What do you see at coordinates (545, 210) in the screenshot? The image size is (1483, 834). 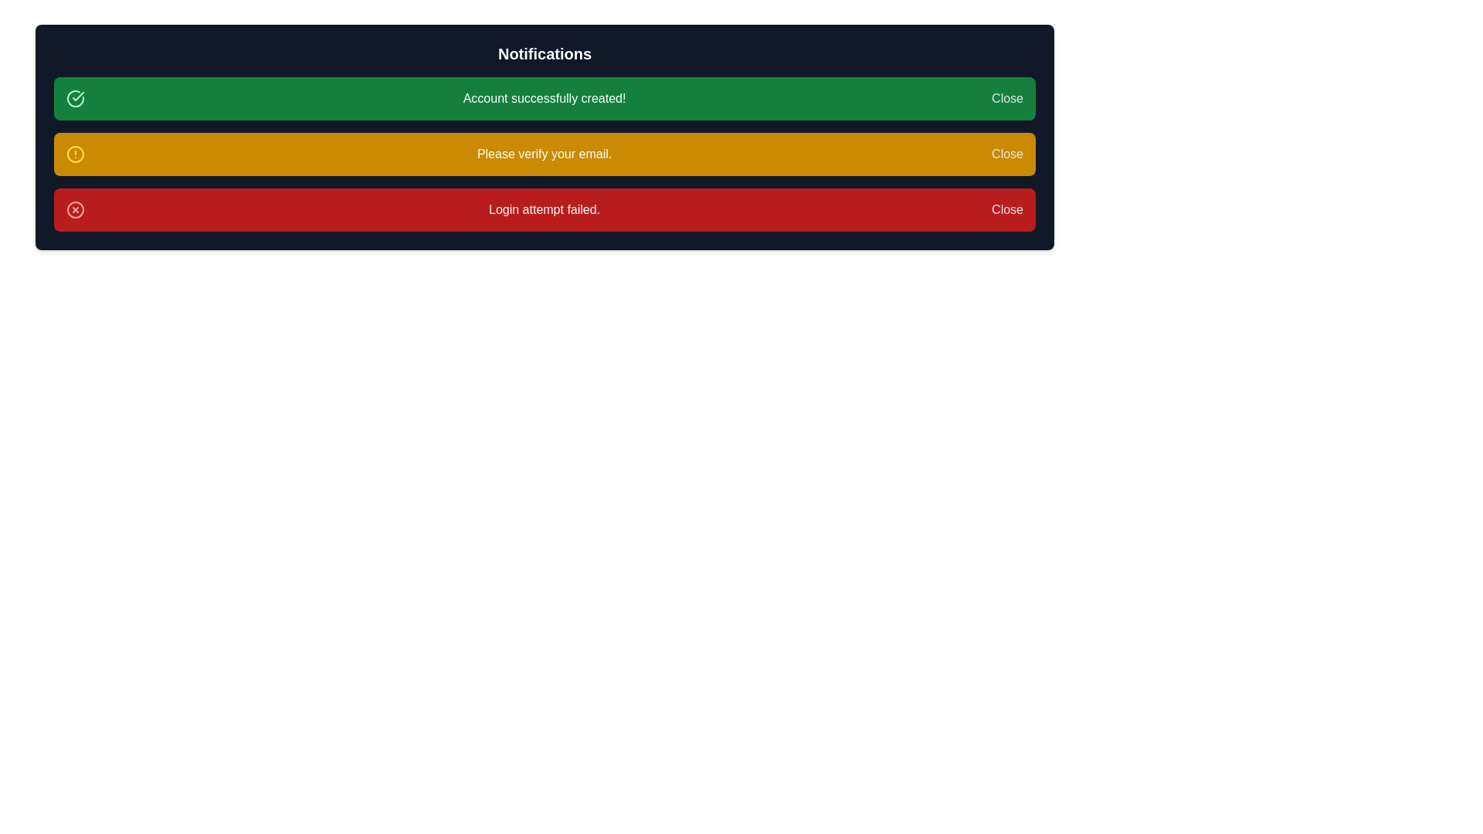 I see `error message displayed in bold text stating 'Login attempt failed.' located in the last notification block with a red background` at bounding box center [545, 210].